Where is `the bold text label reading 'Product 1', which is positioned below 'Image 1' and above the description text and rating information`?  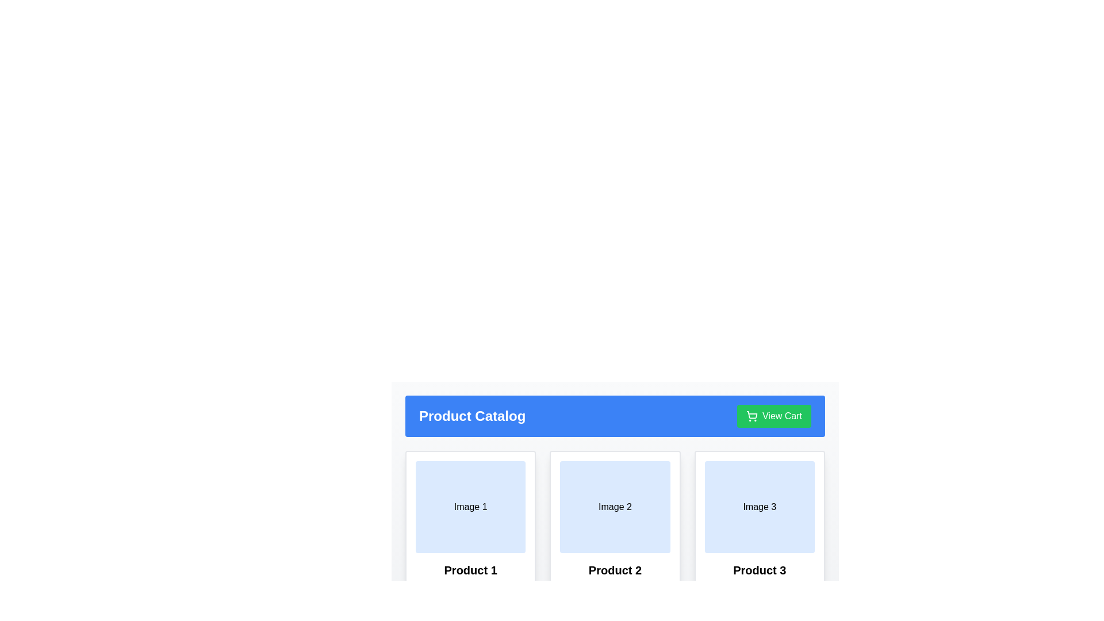
the bold text label reading 'Product 1', which is positioned below 'Image 1' and above the description text and rating information is located at coordinates (470, 570).